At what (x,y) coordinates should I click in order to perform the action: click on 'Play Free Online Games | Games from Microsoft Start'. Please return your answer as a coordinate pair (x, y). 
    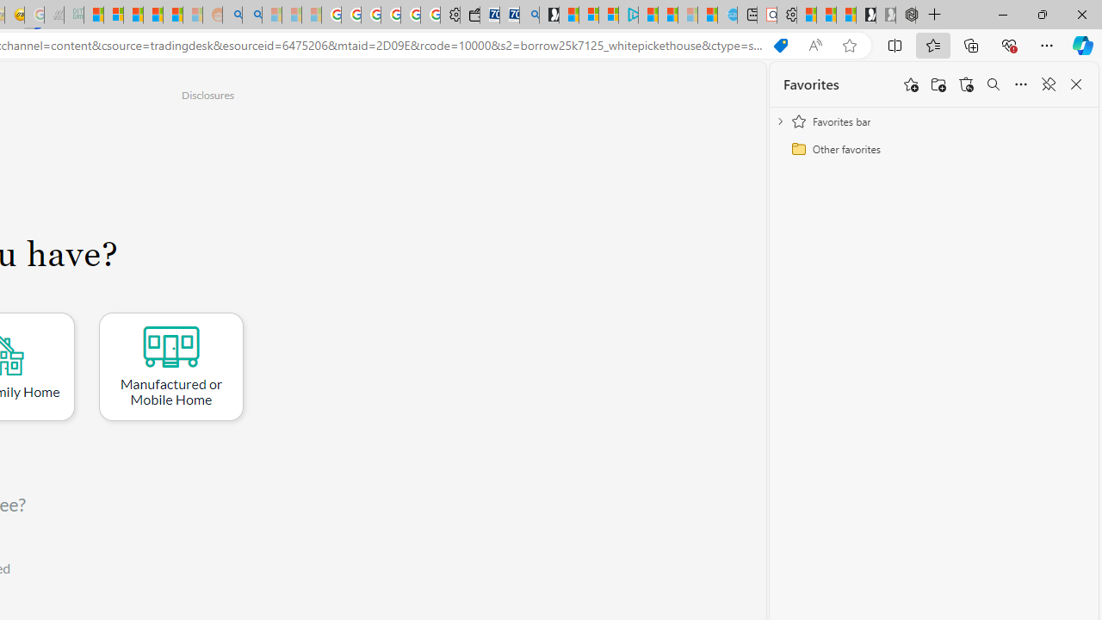
    Looking at the image, I should click on (866, 15).